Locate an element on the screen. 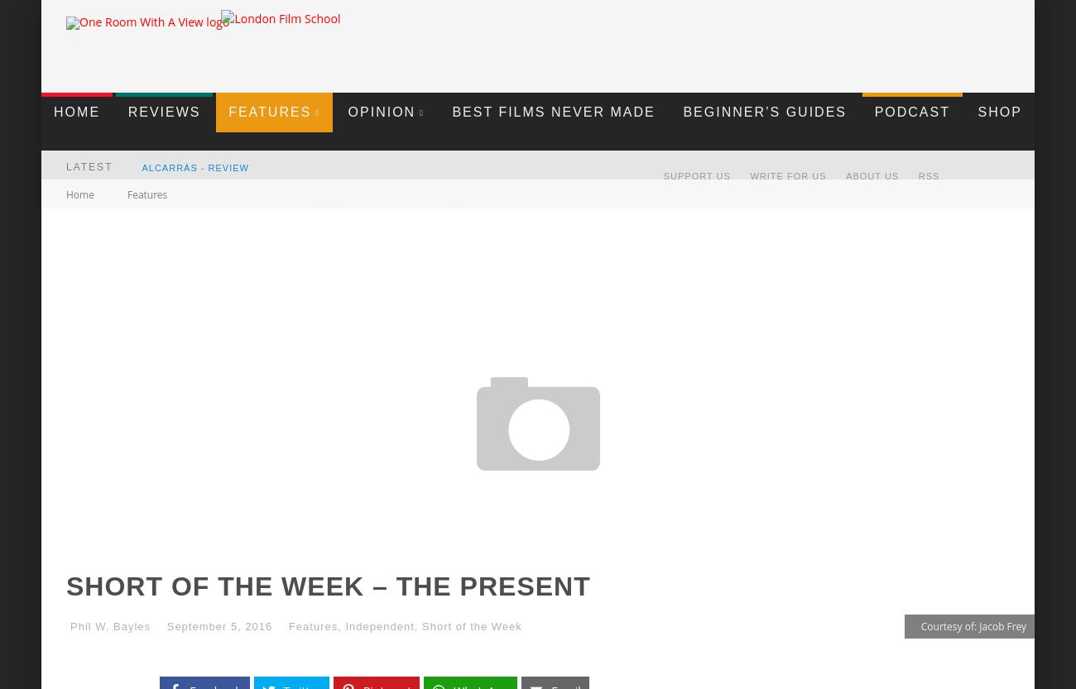 The height and width of the screenshot is (689, 1076). 'Independent' is located at coordinates (378, 625).